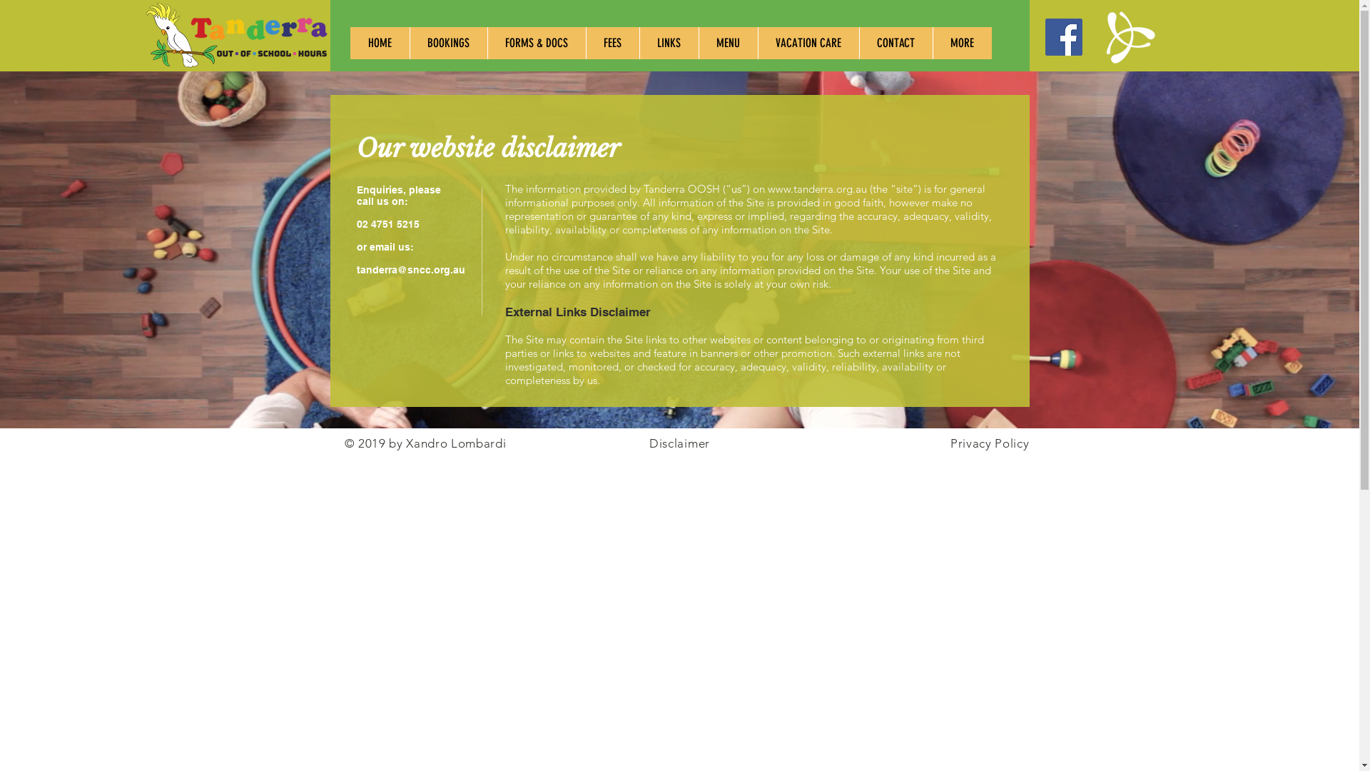  What do you see at coordinates (989, 443) in the screenshot?
I see `'Privacy Policy'` at bounding box center [989, 443].